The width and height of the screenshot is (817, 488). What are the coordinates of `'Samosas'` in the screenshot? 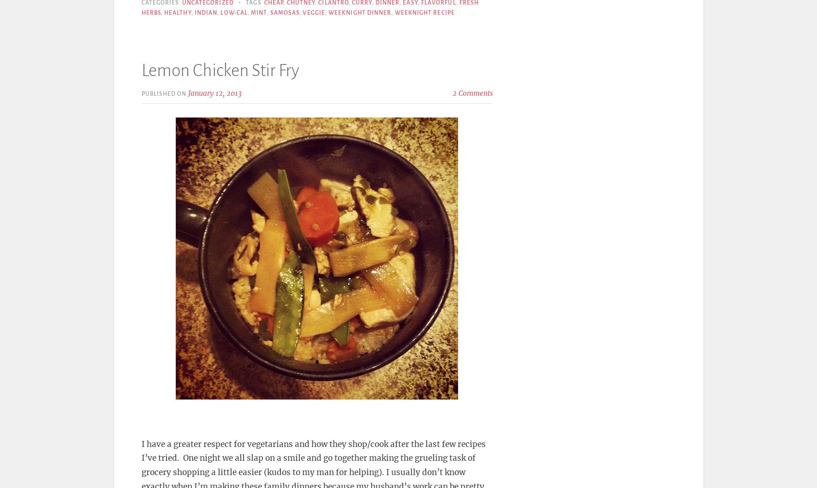 It's located at (284, 12).